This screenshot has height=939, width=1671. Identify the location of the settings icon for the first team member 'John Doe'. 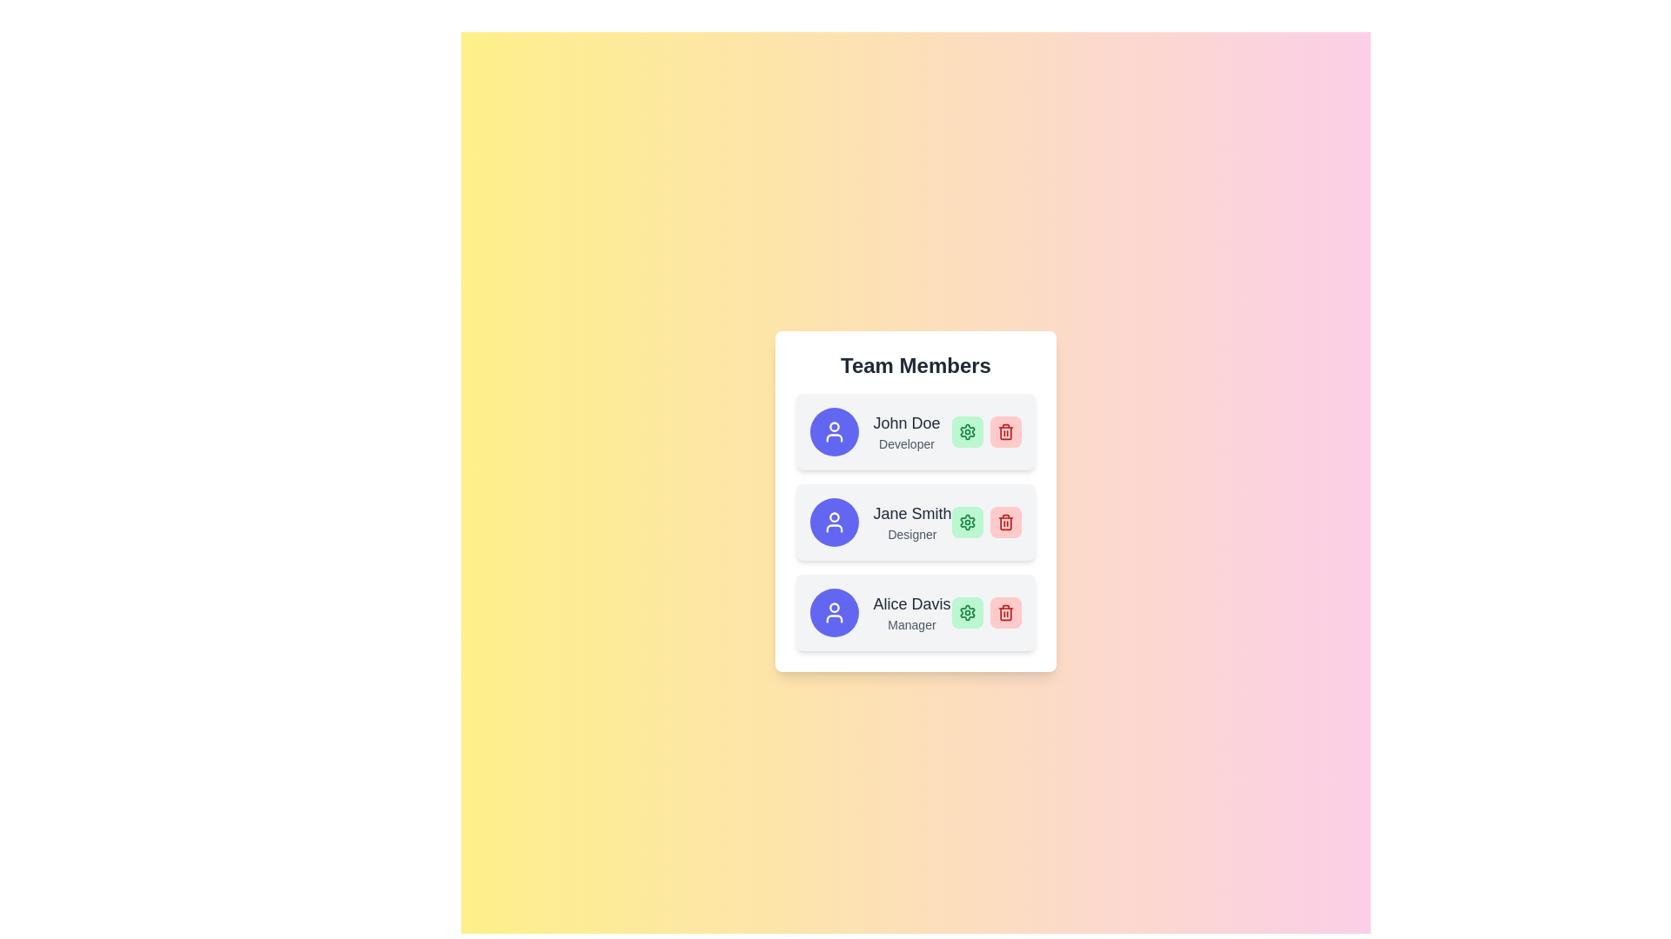
(966, 431).